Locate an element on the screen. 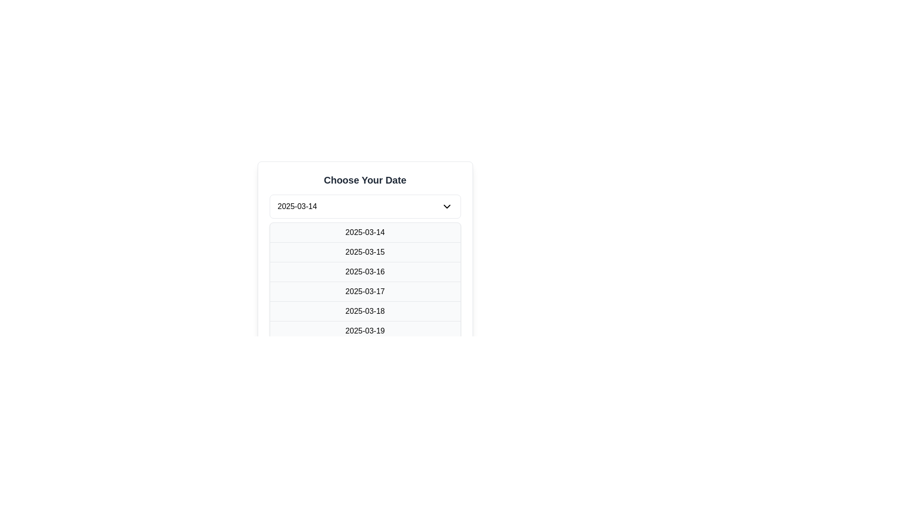 The width and height of the screenshot is (923, 519). the dropdown indicator (SVG icon) resembling a downward-facing chevron is located at coordinates (446, 206).